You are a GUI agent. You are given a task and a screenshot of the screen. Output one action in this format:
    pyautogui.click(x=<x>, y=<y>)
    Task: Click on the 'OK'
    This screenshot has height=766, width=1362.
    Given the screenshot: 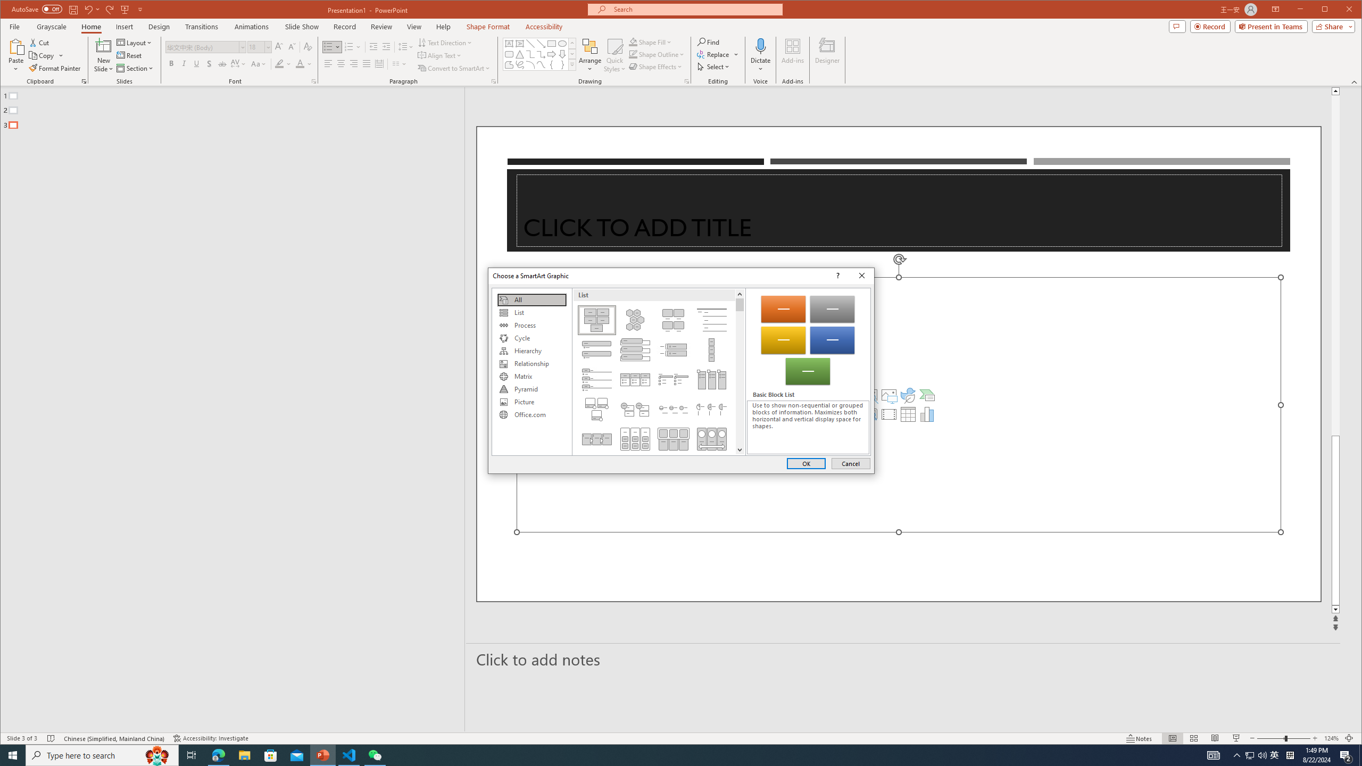 What is the action you would take?
    pyautogui.click(x=806, y=463)
    